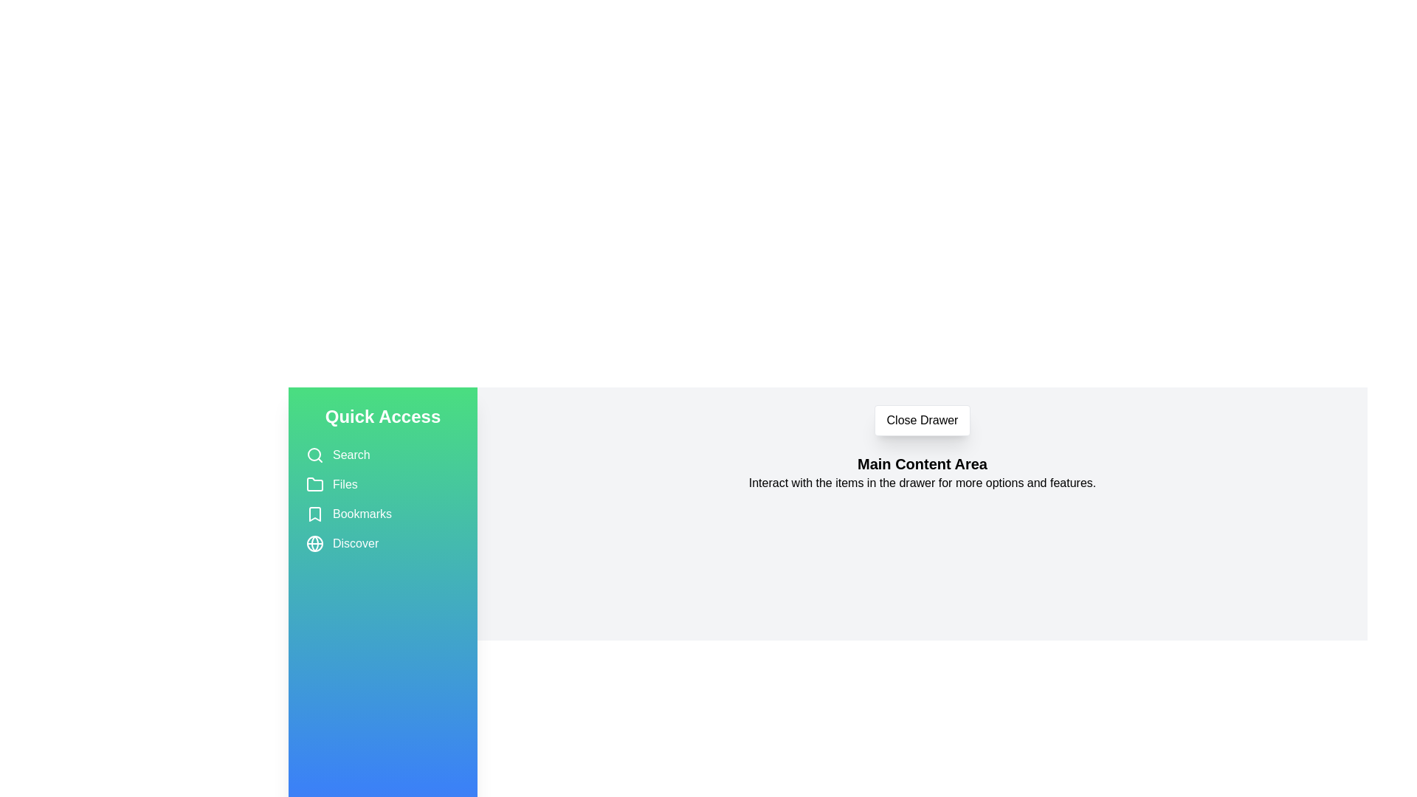 The image size is (1417, 797). What do you see at coordinates (368, 442) in the screenshot?
I see `the drawer's background to close it` at bounding box center [368, 442].